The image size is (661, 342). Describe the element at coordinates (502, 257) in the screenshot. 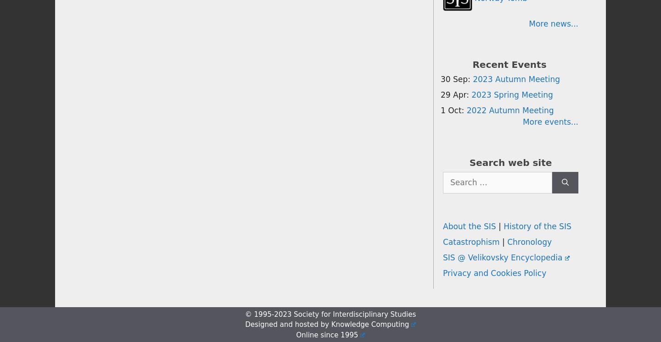

I see `'SIS @ Velikovsky Encyclopedia'` at that location.